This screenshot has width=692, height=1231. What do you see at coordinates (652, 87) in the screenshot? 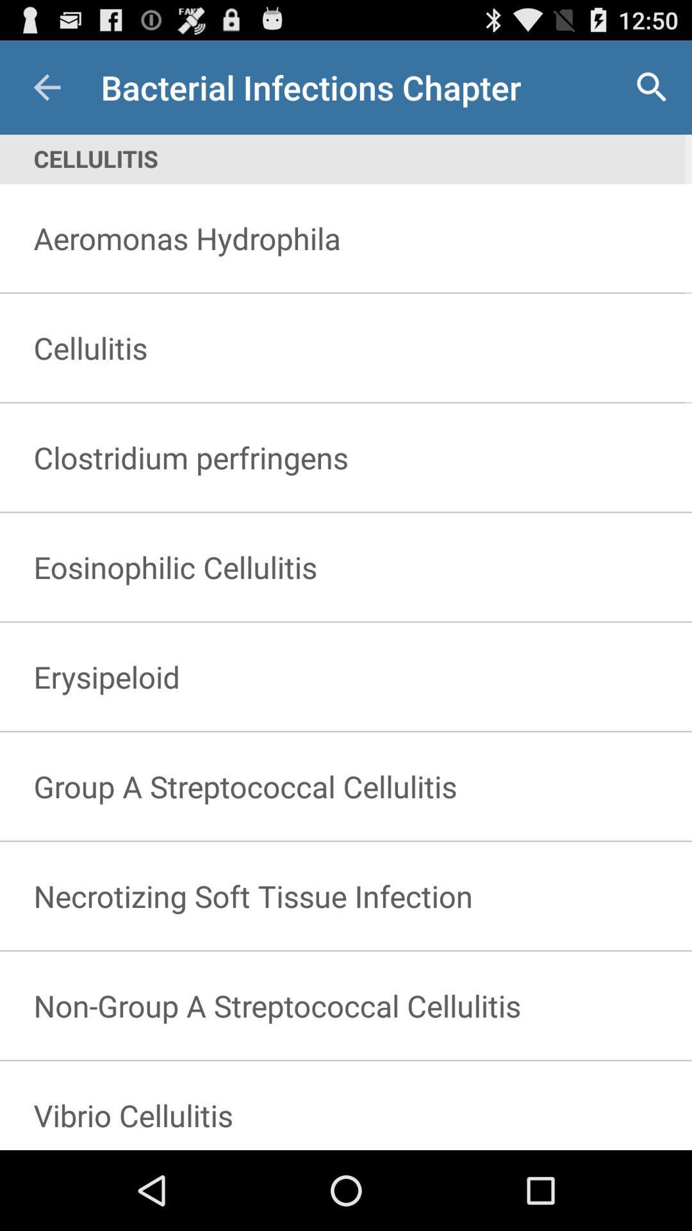
I see `the icon to the right of the bacterial infections chapter item` at bounding box center [652, 87].